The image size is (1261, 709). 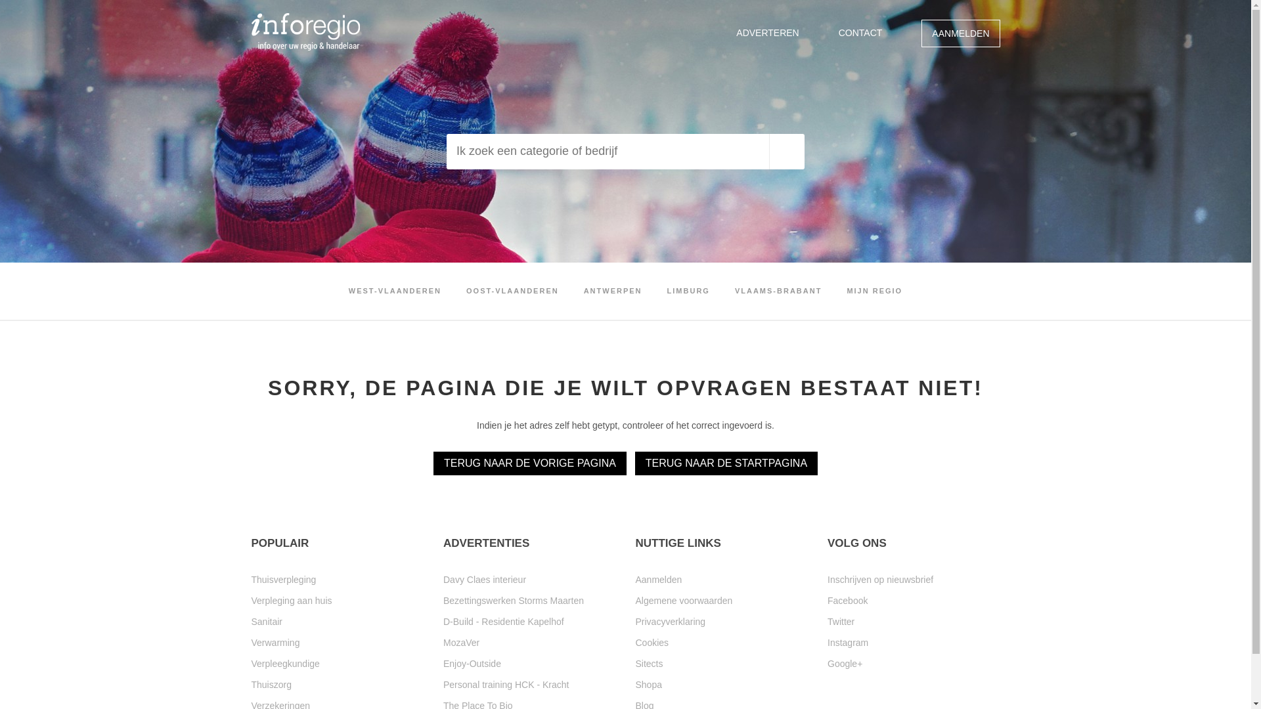 What do you see at coordinates (734, 290) in the screenshot?
I see `'VLAAMS-BRABANT'` at bounding box center [734, 290].